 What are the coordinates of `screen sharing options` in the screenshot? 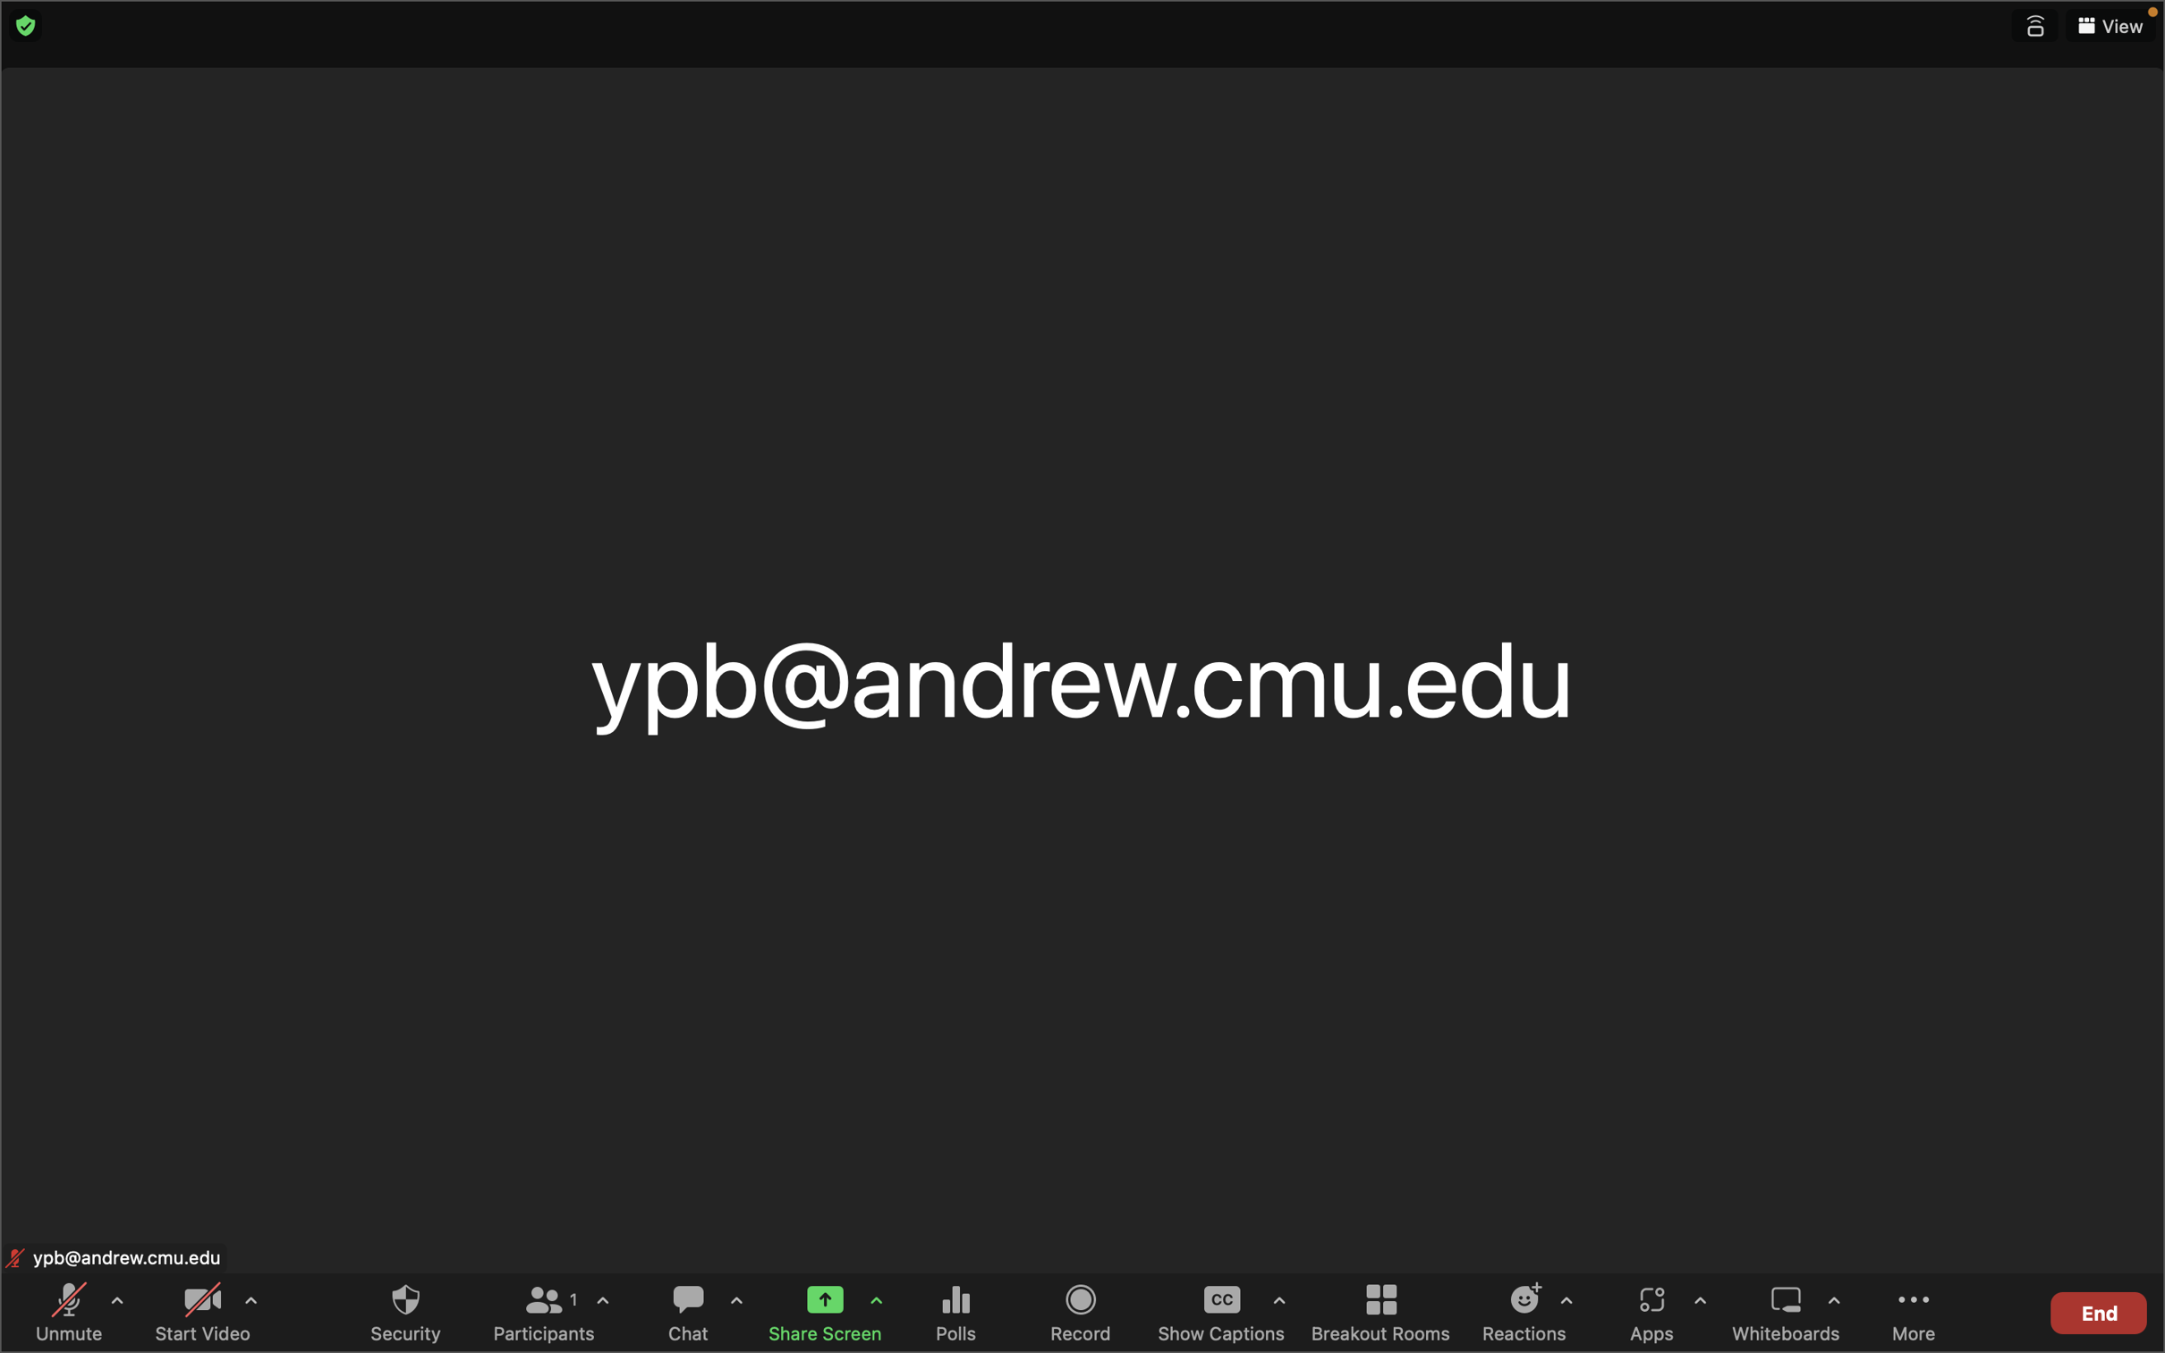 It's located at (876, 1303).